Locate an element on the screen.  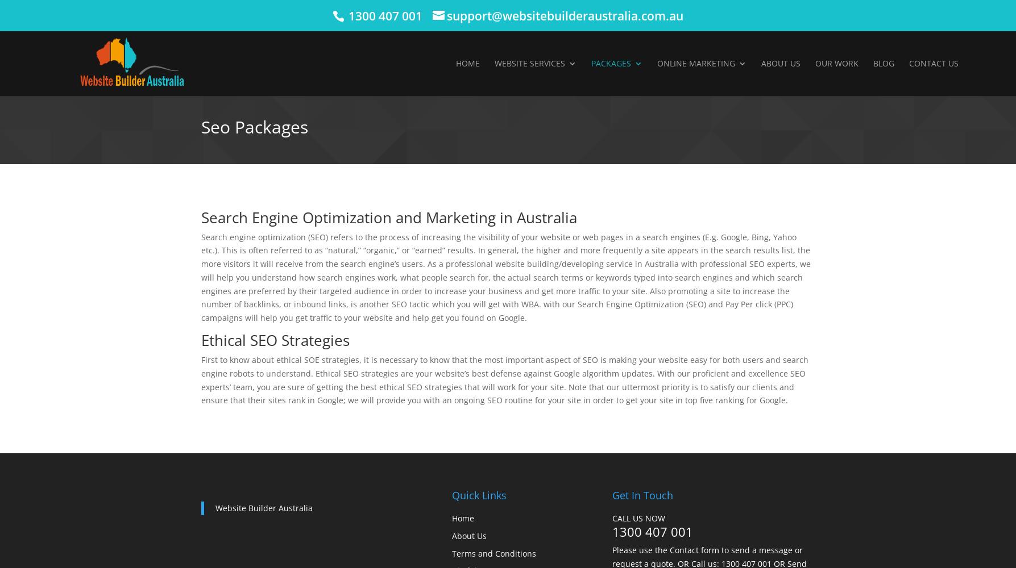
'WordPress' is located at coordinates (540, 187).